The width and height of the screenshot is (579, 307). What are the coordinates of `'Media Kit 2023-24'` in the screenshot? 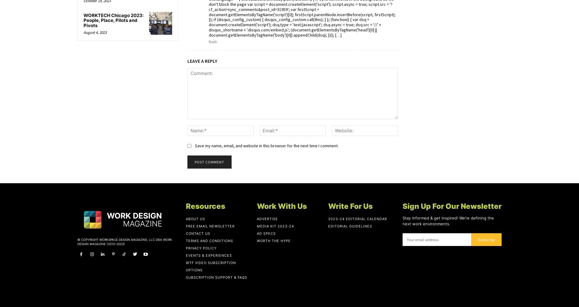 It's located at (275, 226).